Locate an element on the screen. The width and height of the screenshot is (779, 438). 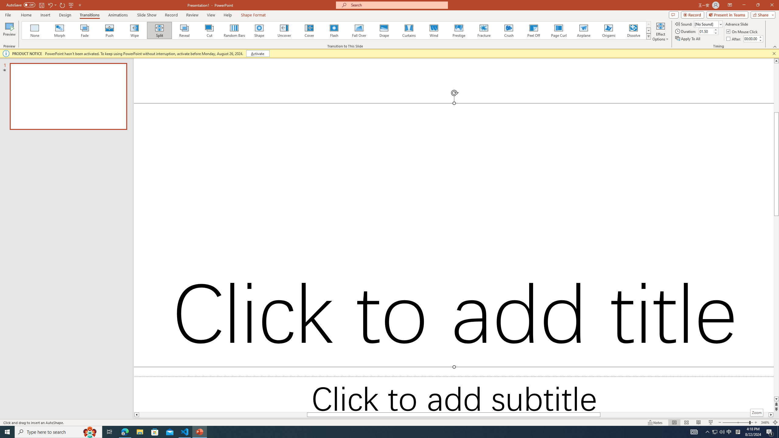
'Flash' is located at coordinates (334, 30).